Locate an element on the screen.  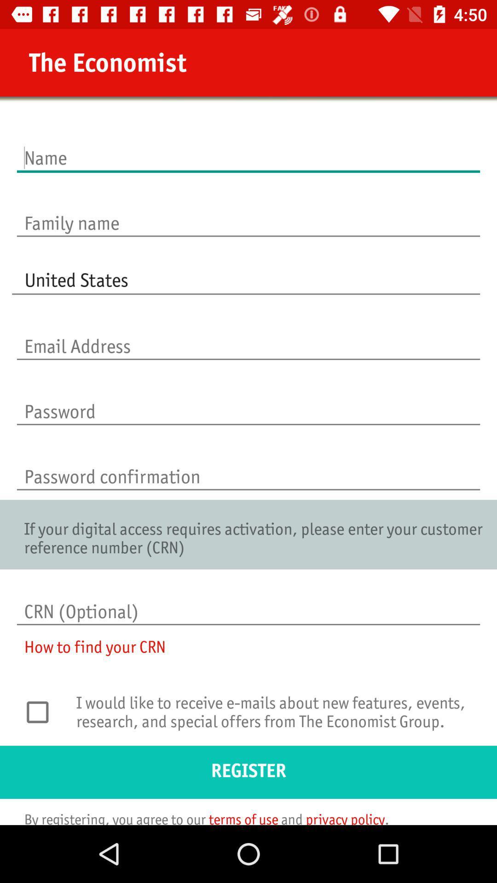
re-enter password is located at coordinates (248, 467).